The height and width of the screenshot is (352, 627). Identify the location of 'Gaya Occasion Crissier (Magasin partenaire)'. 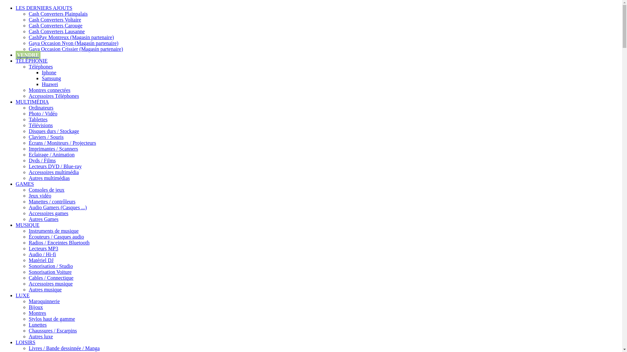
(76, 49).